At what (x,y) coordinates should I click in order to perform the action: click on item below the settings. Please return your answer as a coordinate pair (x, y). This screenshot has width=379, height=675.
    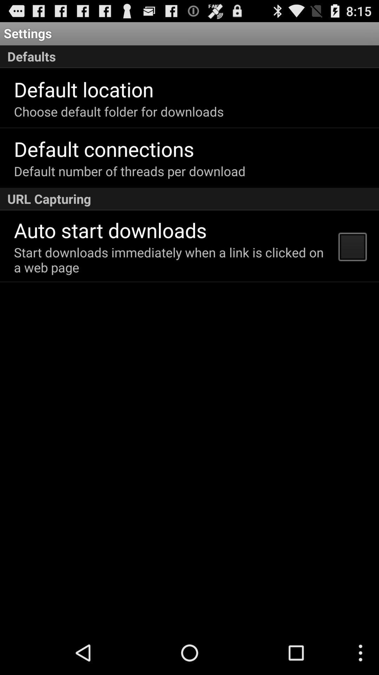
    Looking at the image, I should click on (189, 57).